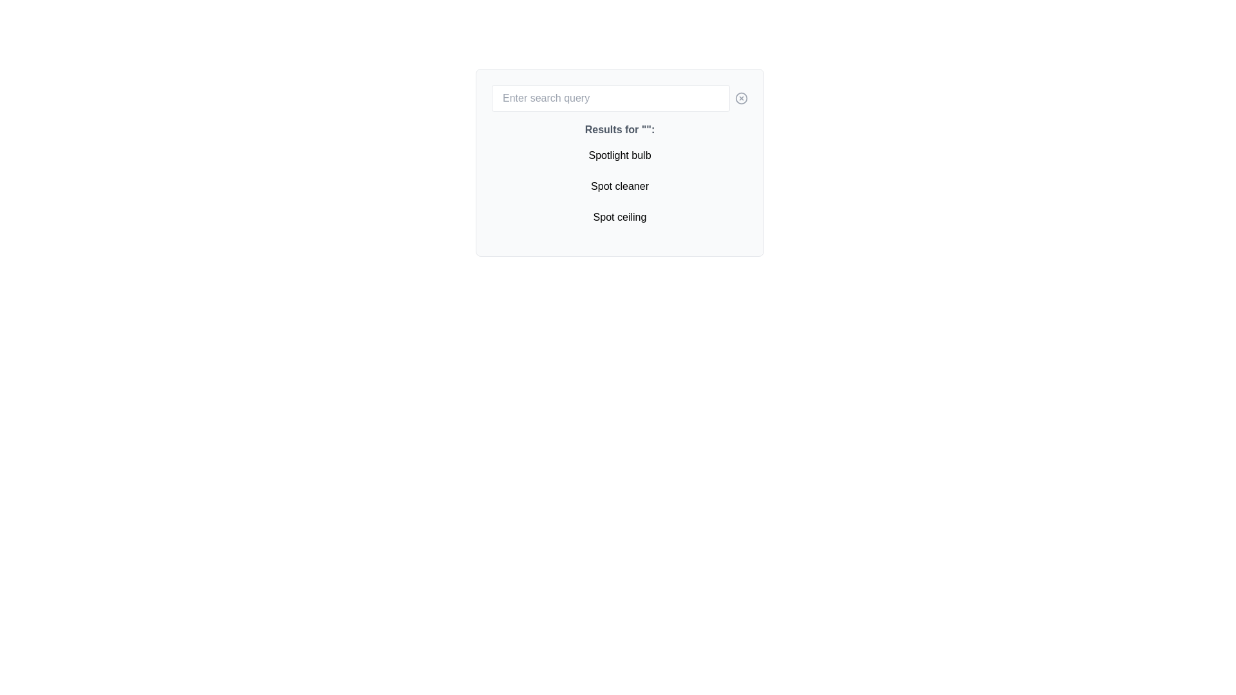 The height and width of the screenshot is (695, 1236). What do you see at coordinates (612, 154) in the screenshot?
I see `the letter 'i' in the word 'Spotlight' within the search results list, specifically in the first item of the text 'Spotlight bulb'` at bounding box center [612, 154].